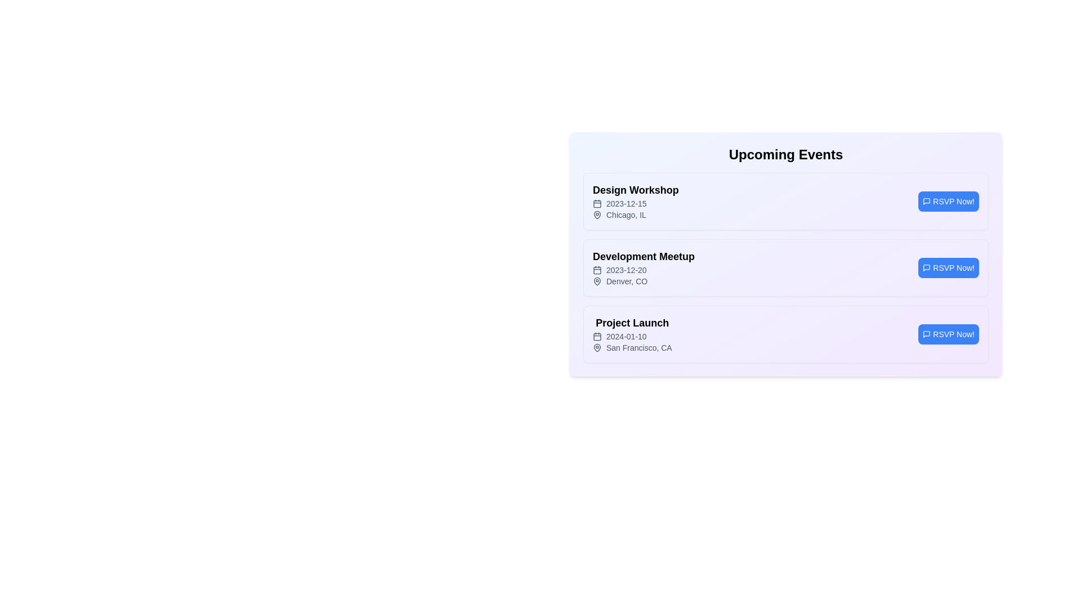  I want to click on the RSVP button for the event titled 'Design Workshop', so click(948, 201).